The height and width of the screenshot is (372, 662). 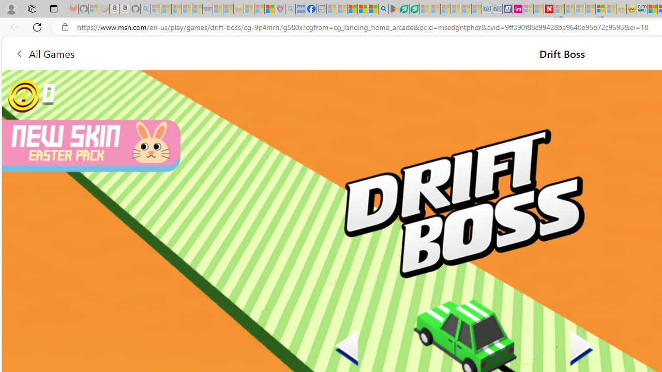 What do you see at coordinates (44, 53) in the screenshot?
I see `'All Games'` at bounding box center [44, 53].